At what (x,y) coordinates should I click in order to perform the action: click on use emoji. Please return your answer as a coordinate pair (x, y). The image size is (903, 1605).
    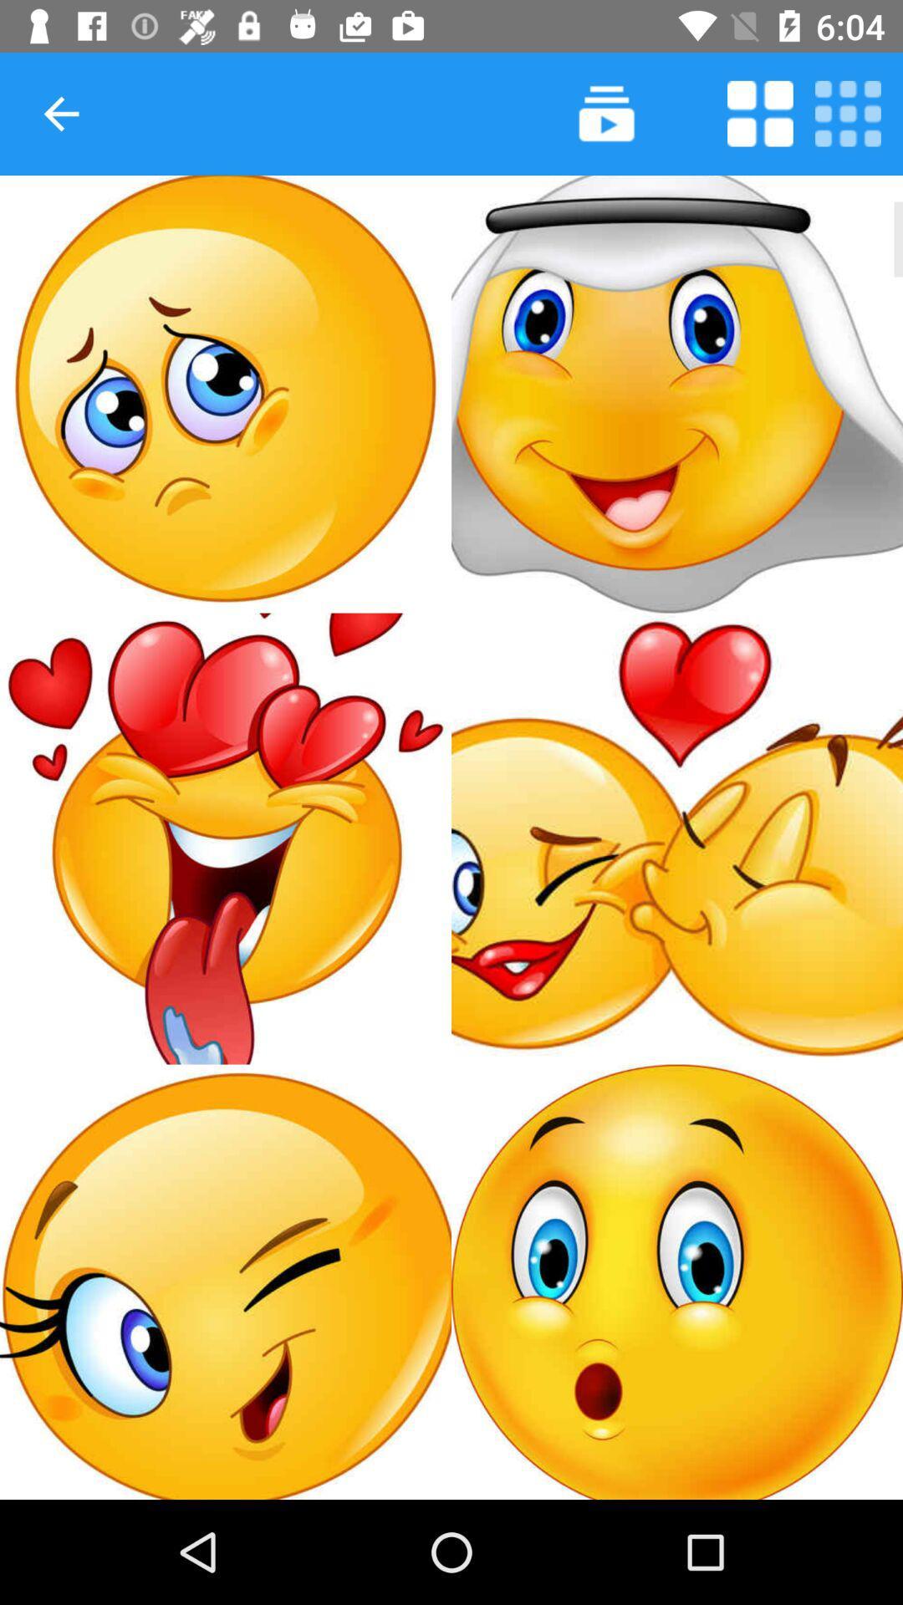
    Looking at the image, I should click on (226, 838).